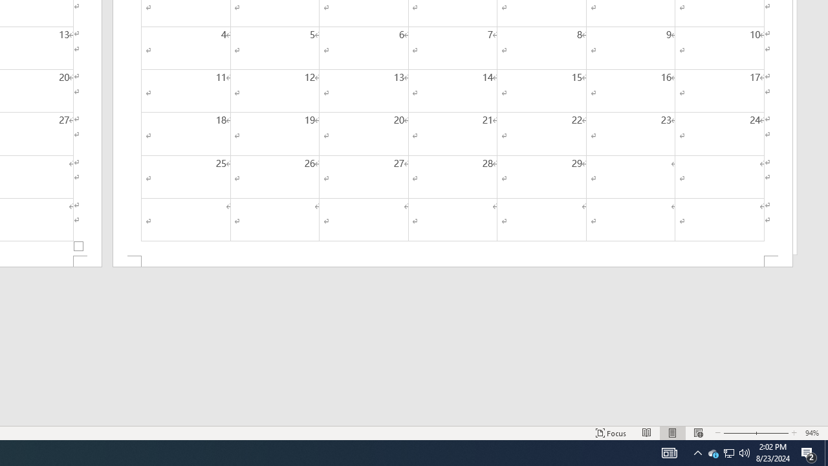 The height and width of the screenshot is (466, 828). I want to click on 'AutomationID: 4105', so click(669, 452).